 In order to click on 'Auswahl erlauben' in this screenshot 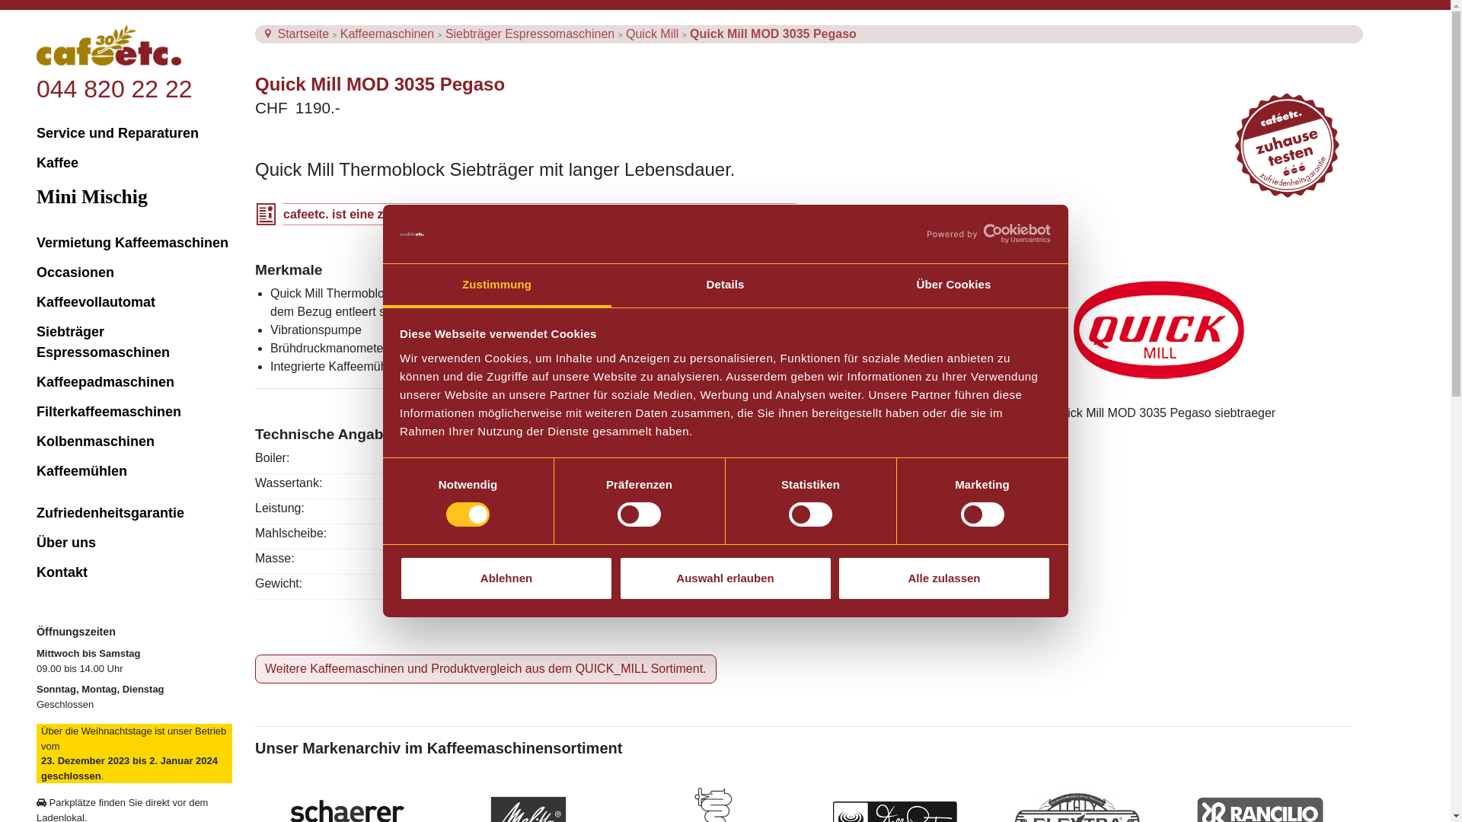, I will do `click(723, 578)`.